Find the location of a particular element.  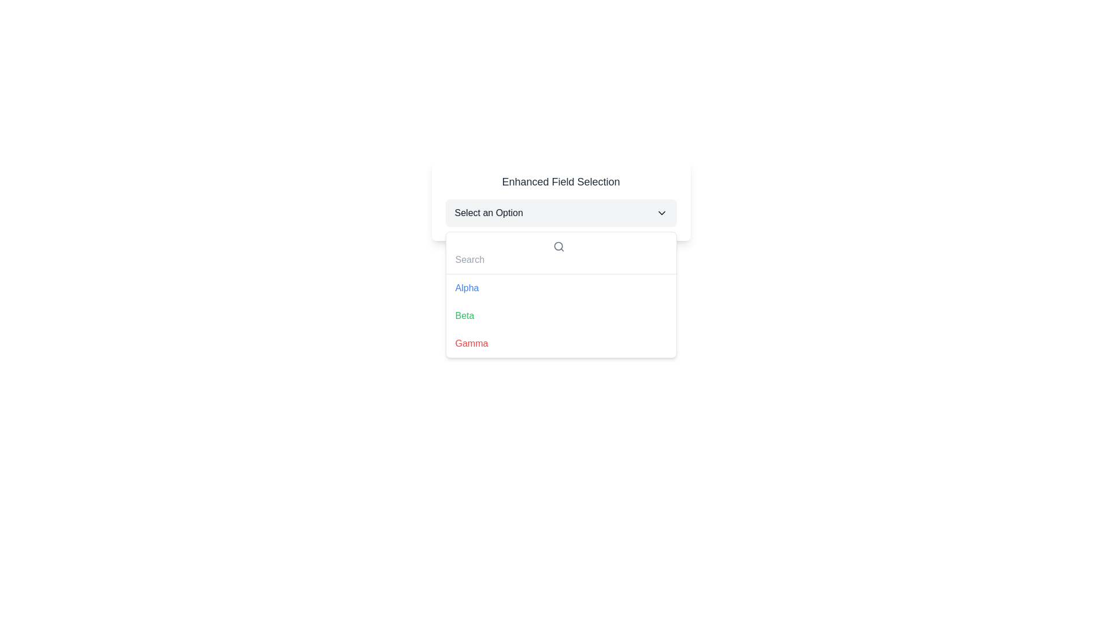

the circular SVG element representing the lens of the search magnifying glass icon located next to the 'Search' label in the dropdown menu under 'Enhanced Field Selection' is located at coordinates (558, 245).